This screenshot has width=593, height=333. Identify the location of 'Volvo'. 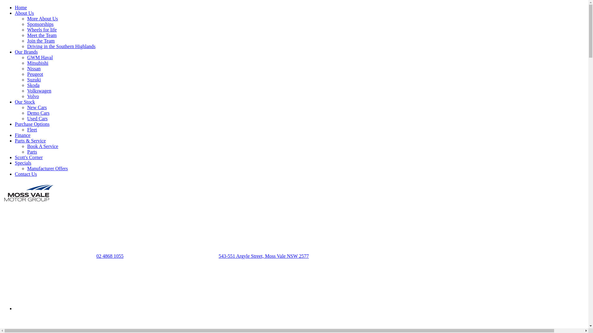
(27, 96).